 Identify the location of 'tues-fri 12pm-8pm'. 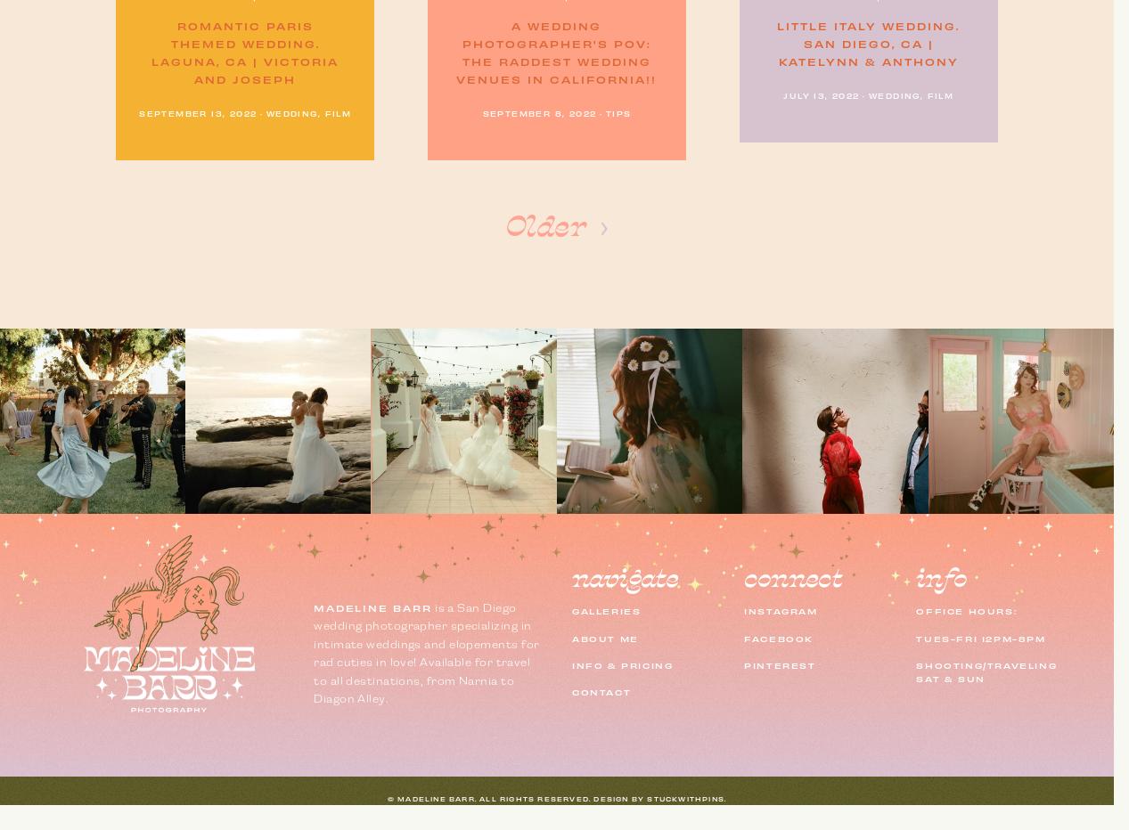
(916, 636).